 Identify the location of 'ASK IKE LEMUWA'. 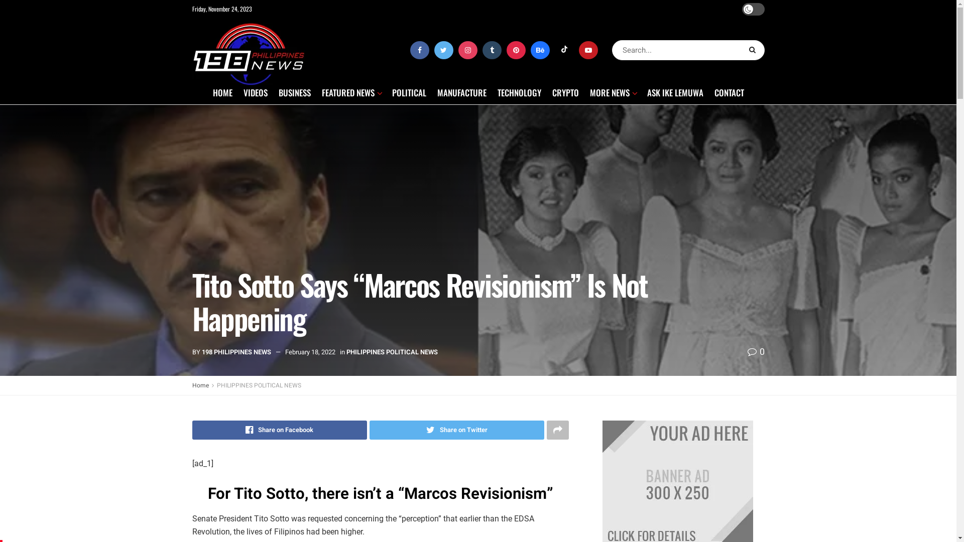
(675, 92).